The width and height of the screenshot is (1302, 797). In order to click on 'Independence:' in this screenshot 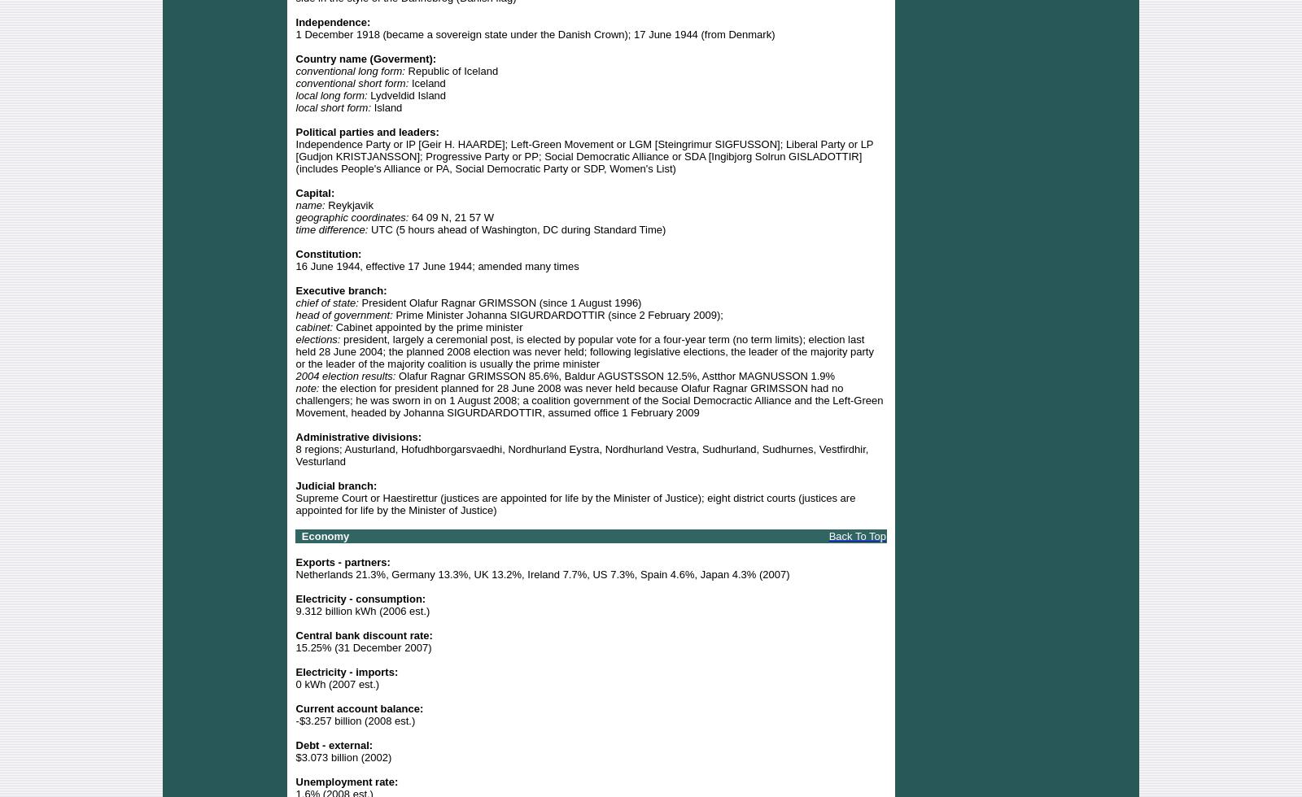, I will do `click(331, 21)`.